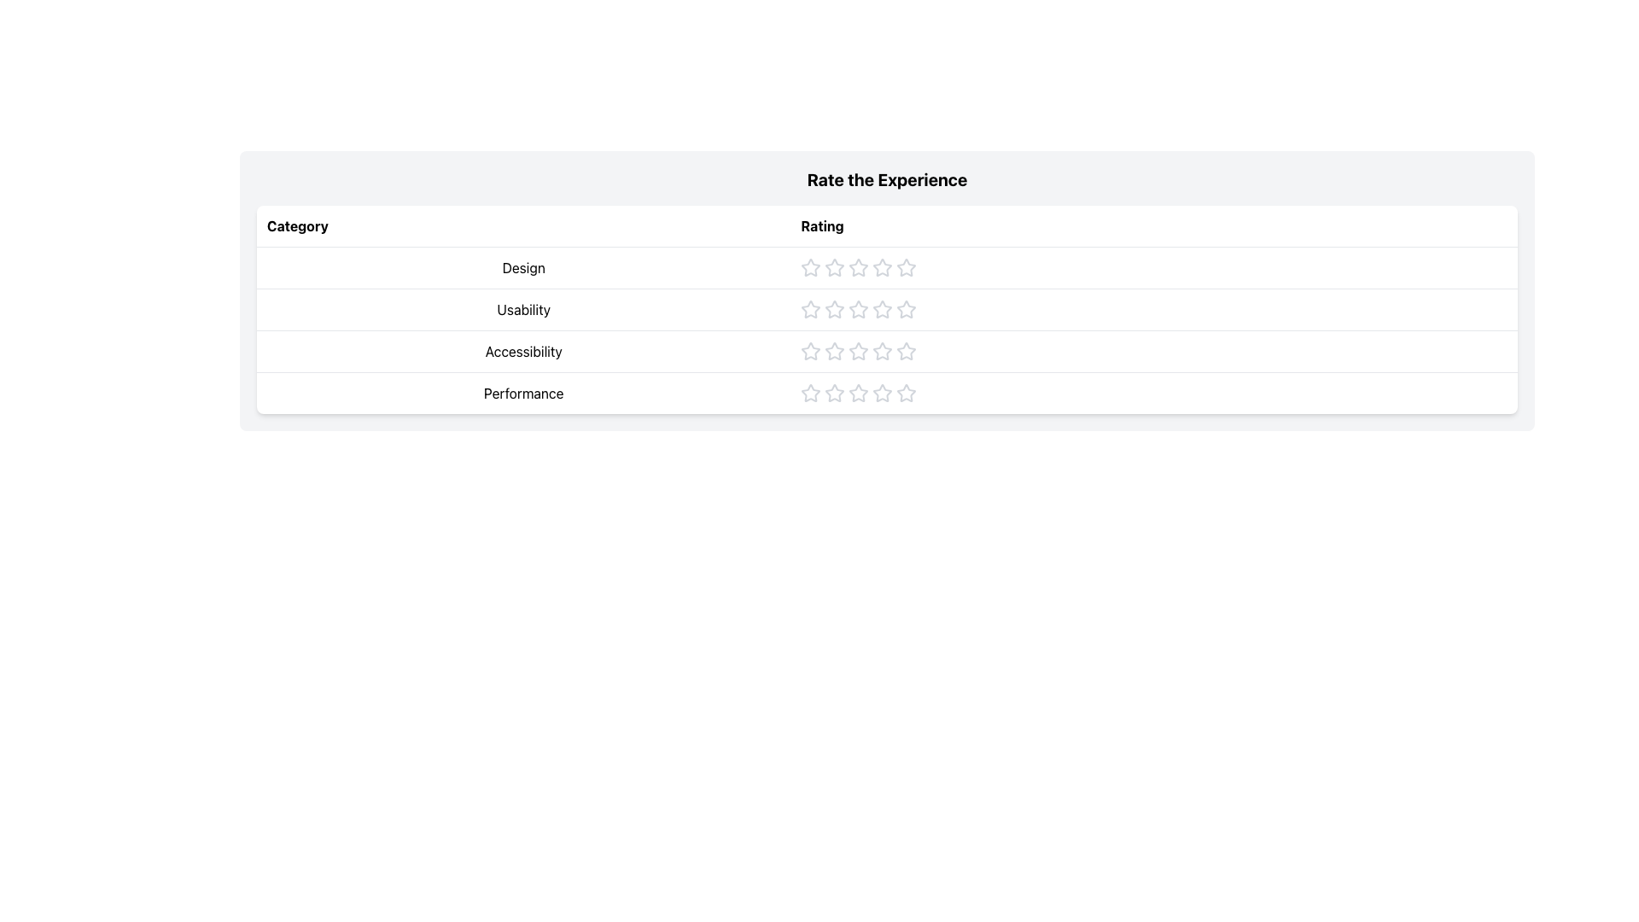 This screenshot has height=922, width=1639. Describe the element at coordinates (810, 393) in the screenshot. I see `the first star in the Performance rating component` at that location.